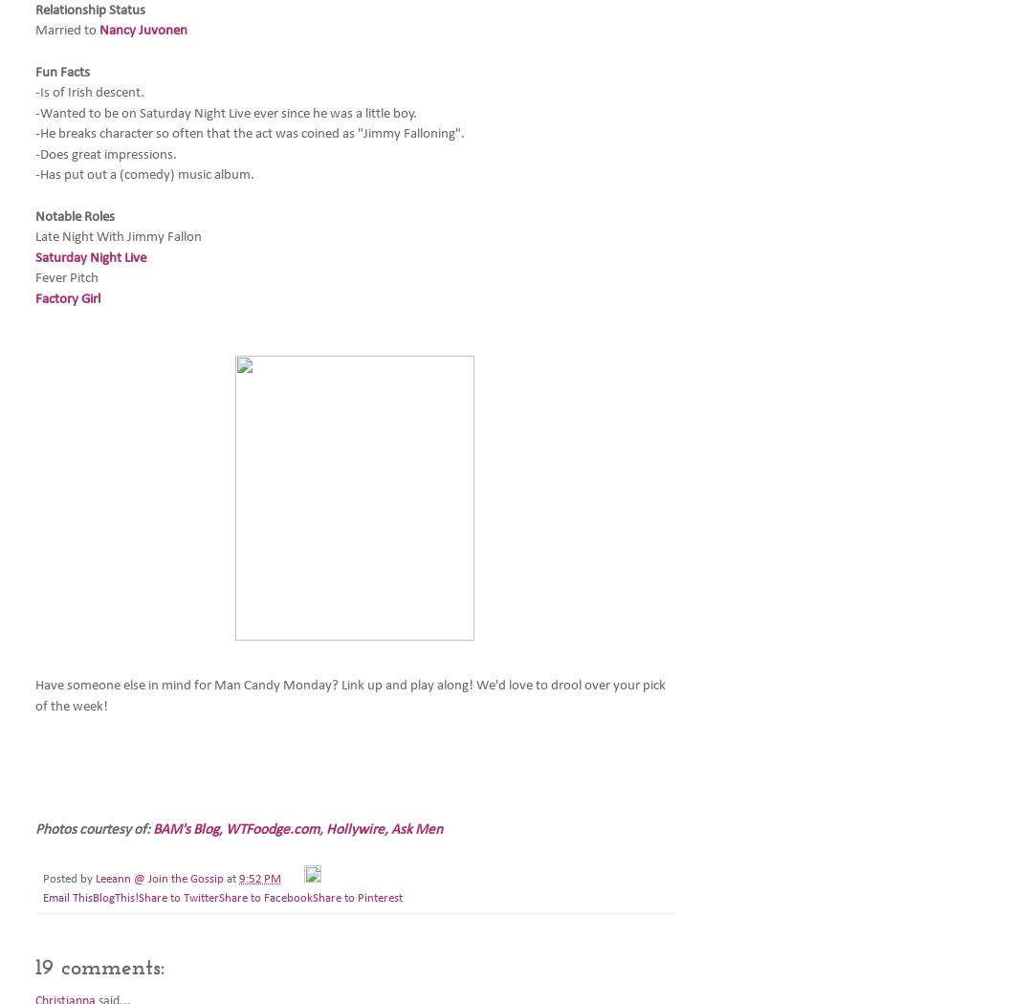  What do you see at coordinates (265, 897) in the screenshot?
I see `'Share to Facebook'` at bounding box center [265, 897].